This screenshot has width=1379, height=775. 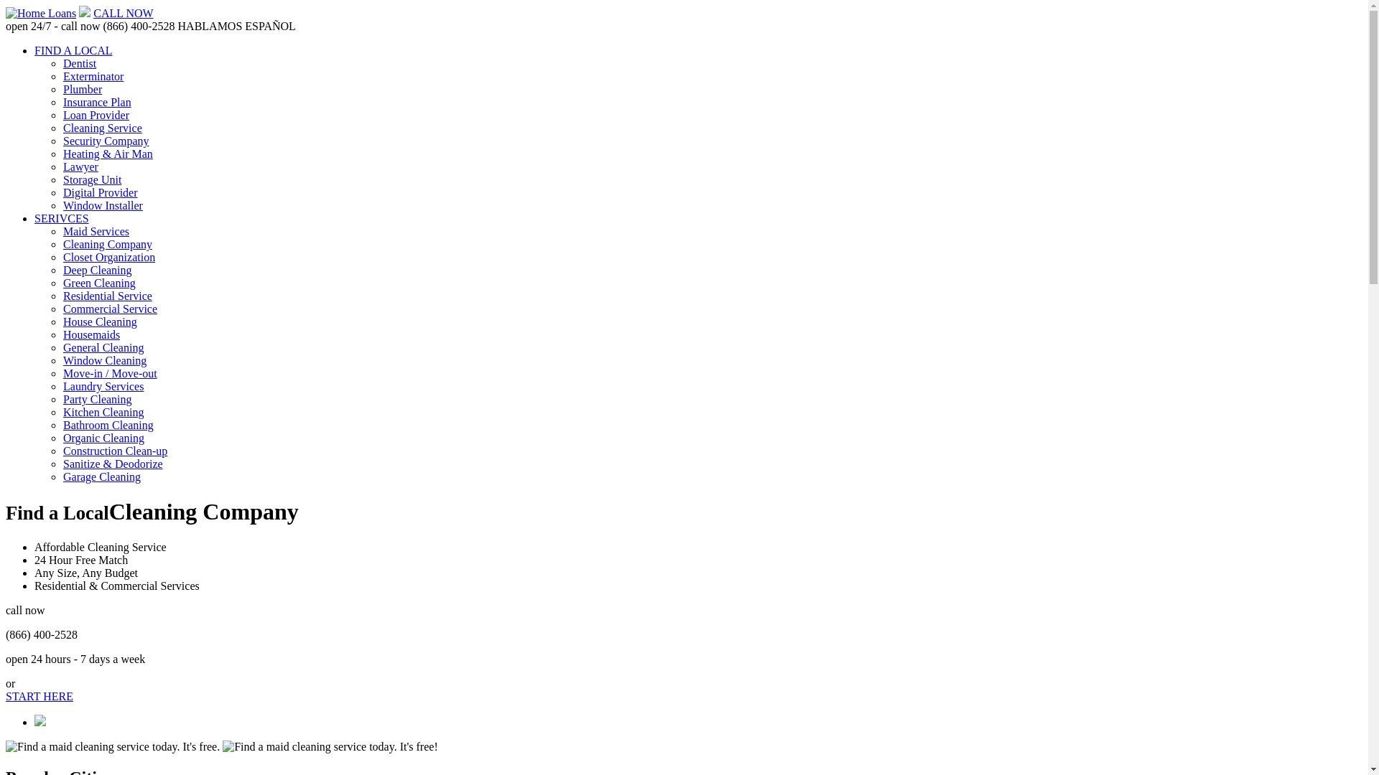 I want to click on 'START HERE', so click(x=39, y=695).